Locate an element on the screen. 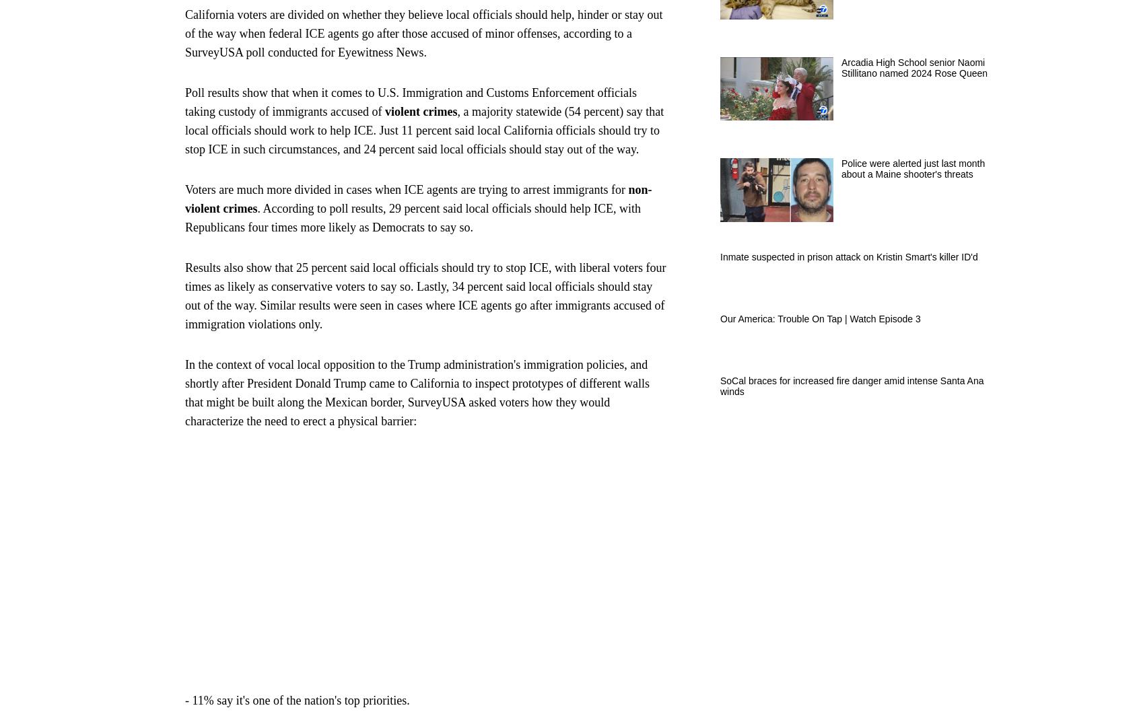 The width and height of the screenshot is (1139, 714). 'Voters are much more divided in cases when ICE agents are trying to arrest immigrants for' is located at coordinates (184, 188).